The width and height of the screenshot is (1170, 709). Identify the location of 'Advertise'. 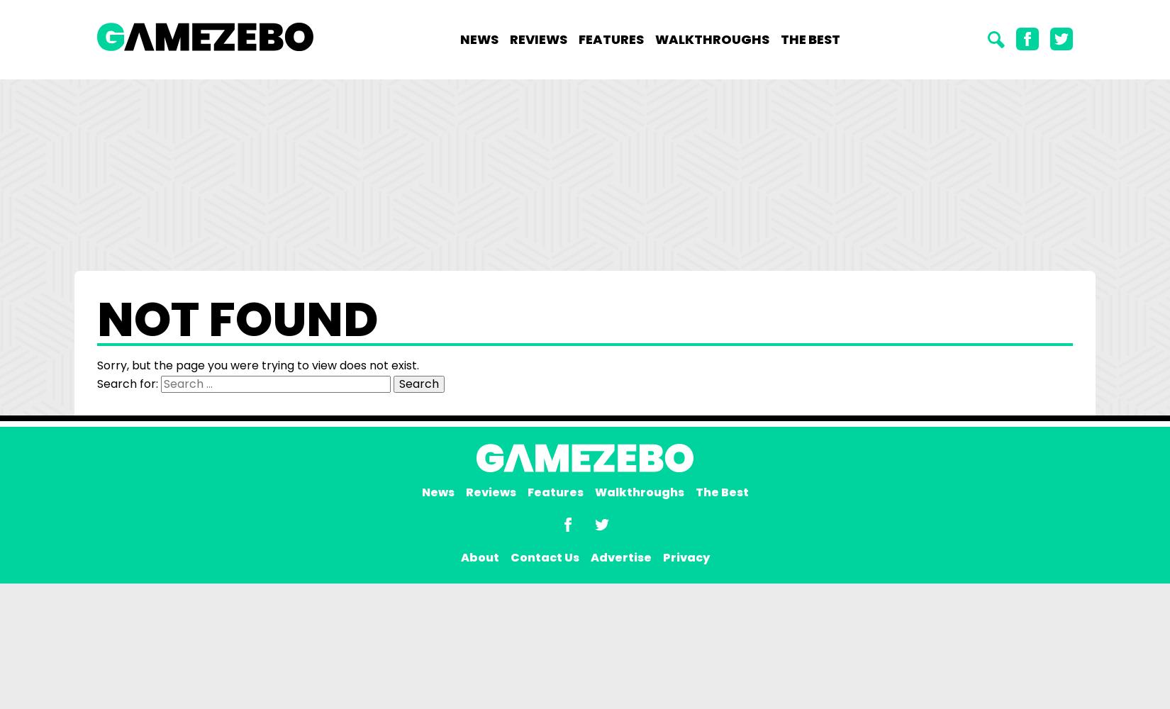
(620, 557).